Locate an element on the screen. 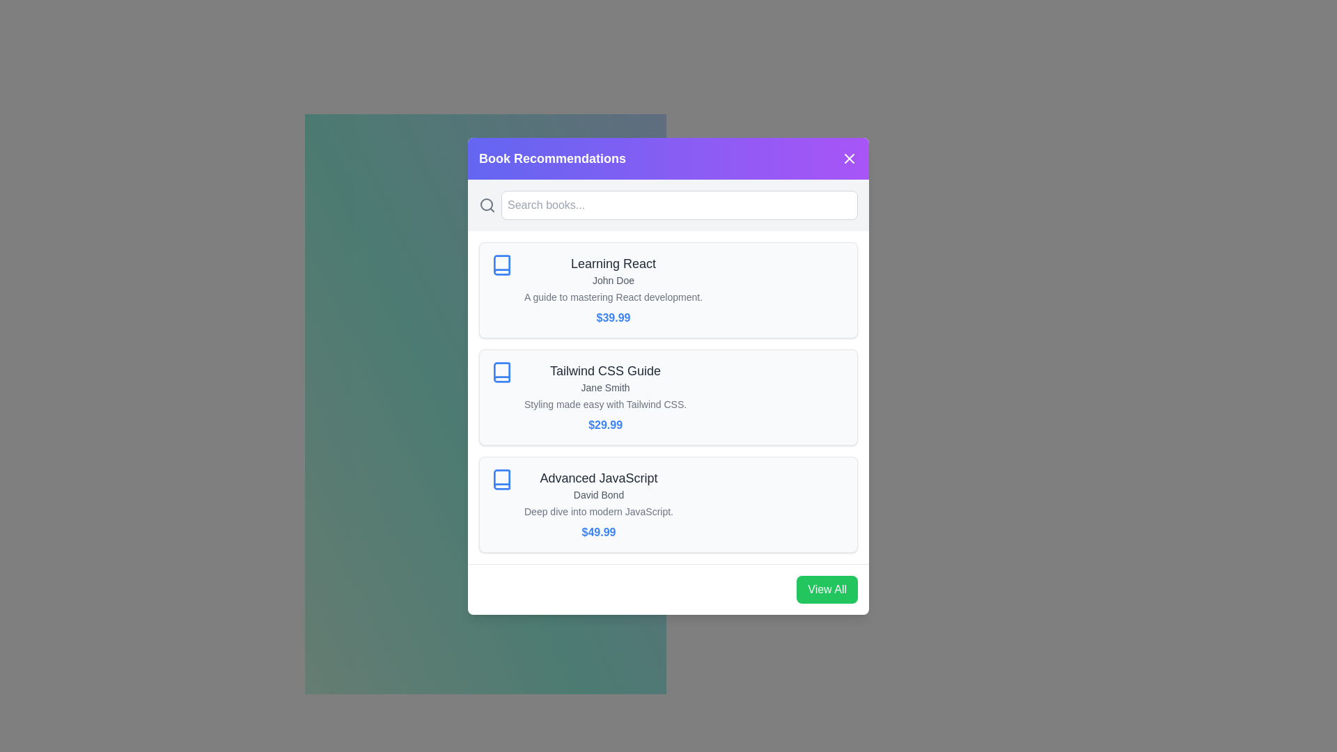 The width and height of the screenshot is (1337, 752). text label displaying the price "$39.99" in bright blue color, styled bold, located in the book recommendation card for "Learning React." is located at coordinates (613, 318).